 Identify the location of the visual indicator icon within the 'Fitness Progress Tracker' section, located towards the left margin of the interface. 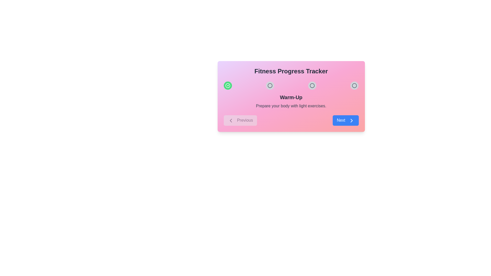
(227, 85).